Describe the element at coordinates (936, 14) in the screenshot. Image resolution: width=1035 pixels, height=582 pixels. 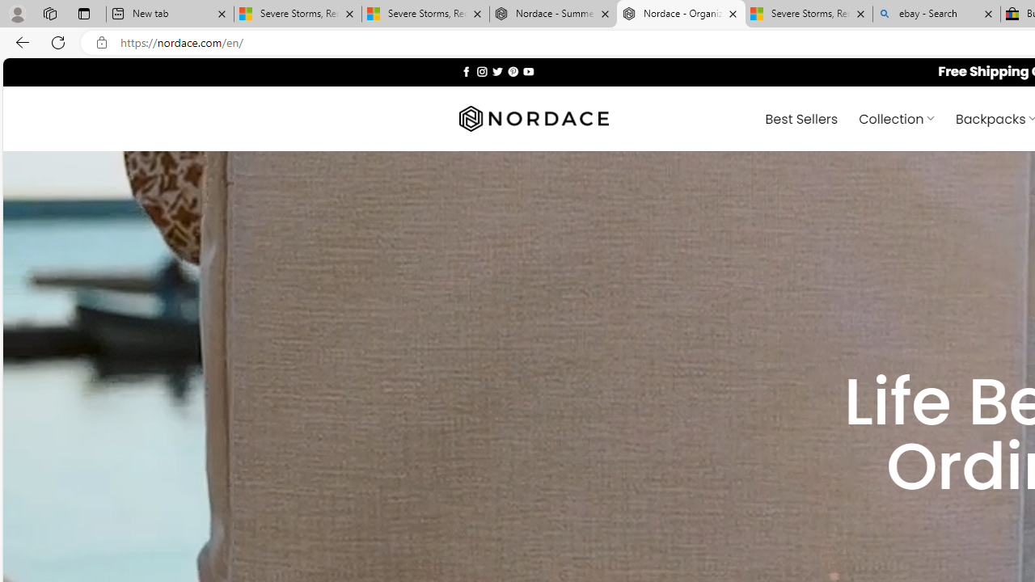
I see `'ebay - Search'` at that location.